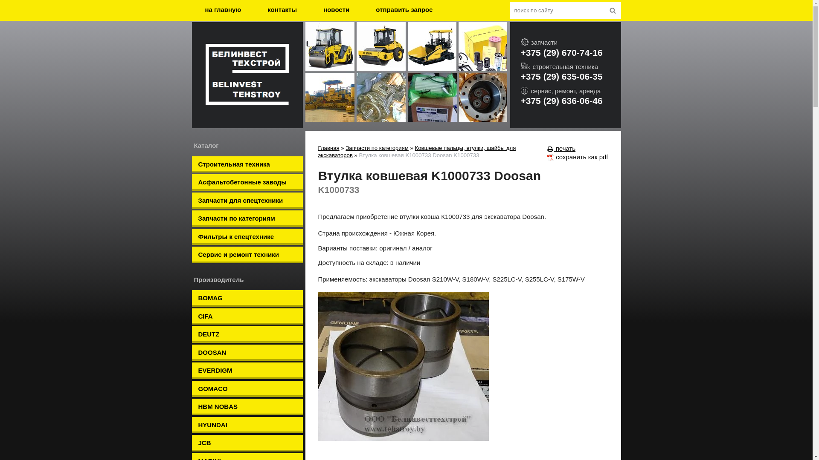 The width and height of the screenshot is (819, 460). Describe the element at coordinates (192, 406) in the screenshot. I see `'HBM NOBAS'` at that location.